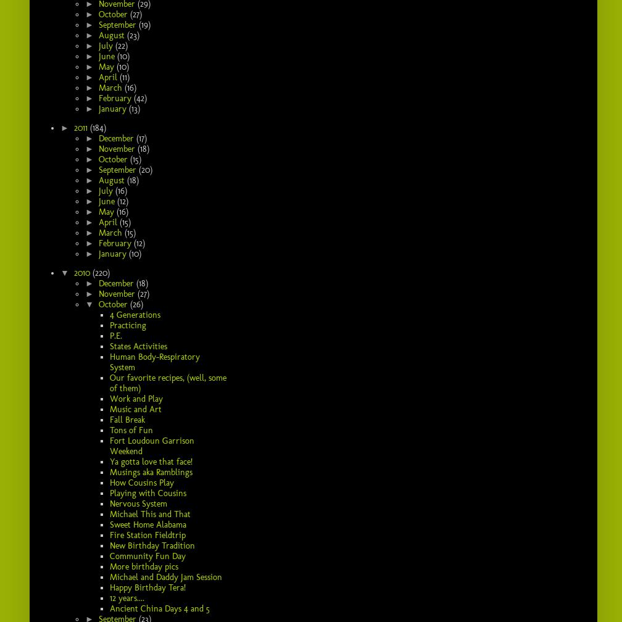  I want to click on 'Music and Art', so click(136, 408).